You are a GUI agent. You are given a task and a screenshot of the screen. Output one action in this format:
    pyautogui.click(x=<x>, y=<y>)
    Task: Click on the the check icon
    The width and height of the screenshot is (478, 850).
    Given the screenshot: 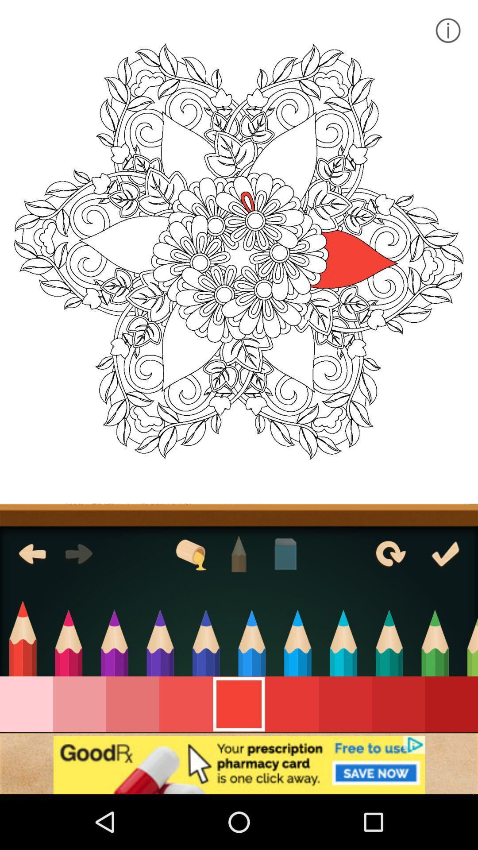 What is the action you would take?
    pyautogui.click(x=445, y=553)
    